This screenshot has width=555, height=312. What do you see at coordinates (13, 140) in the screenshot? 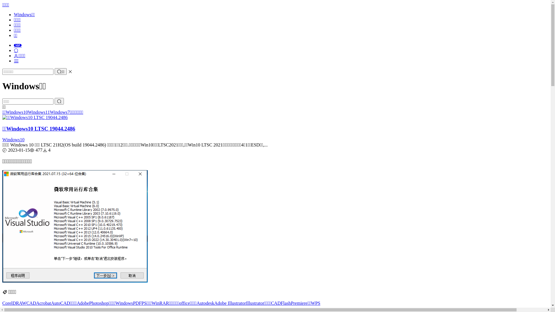
I see `'Windows10'` at bounding box center [13, 140].